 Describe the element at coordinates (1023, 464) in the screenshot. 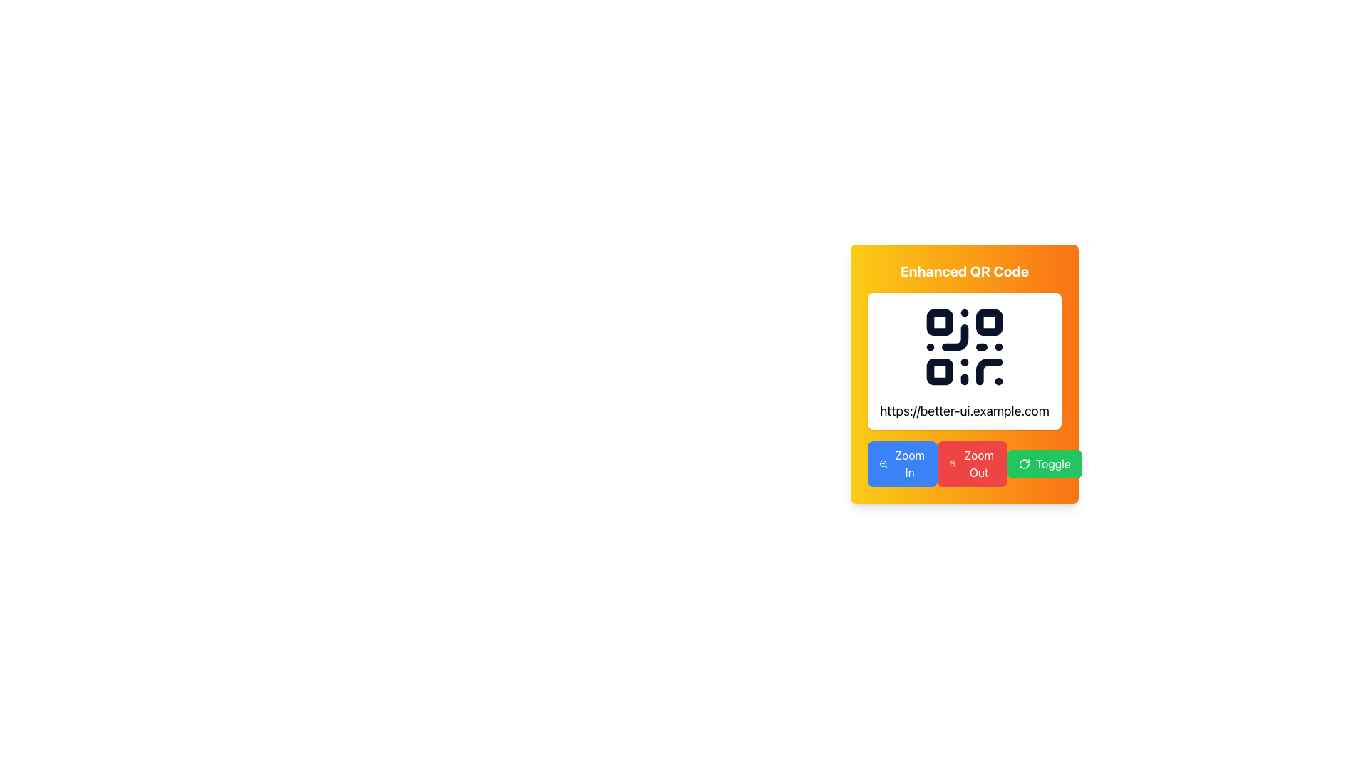

I see `the circular refresh SVG icon, which is the leftmost element within the Toggle button located on the rightmost part of the bottom row of buttons` at that location.